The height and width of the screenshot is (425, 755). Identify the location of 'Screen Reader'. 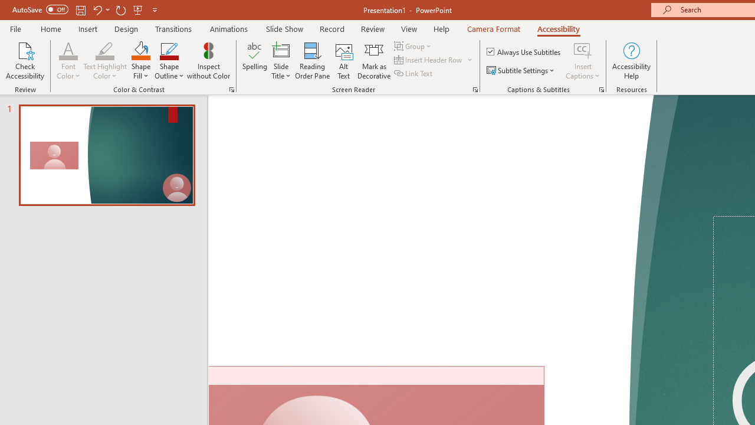
(475, 89).